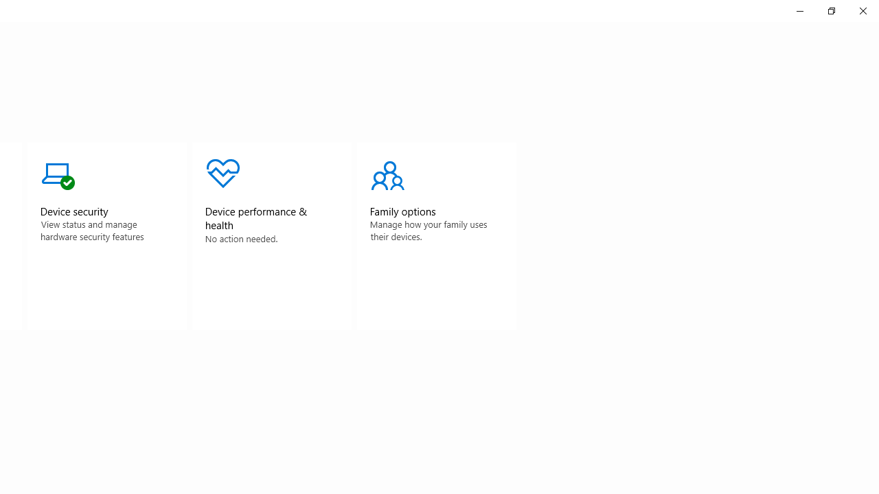  Describe the element at coordinates (106, 235) in the screenshot. I see `'Device securityNo action needed.'` at that location.